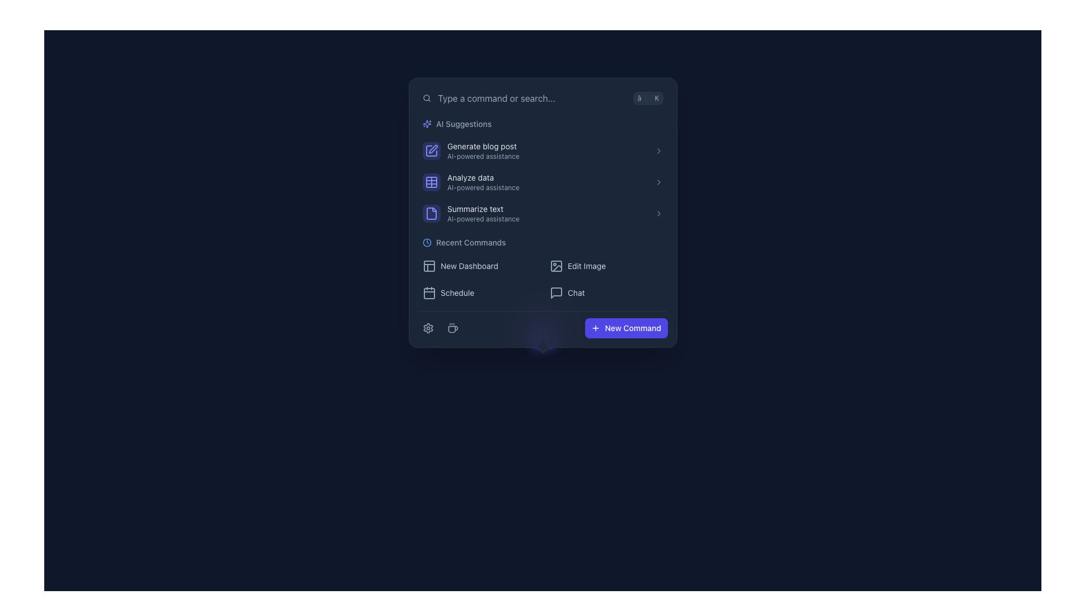  Describe the element at coordinates (543, 270) in the screenshot. I see `the 'Edit Image' button within the 'Recent Commands' section` at that location.